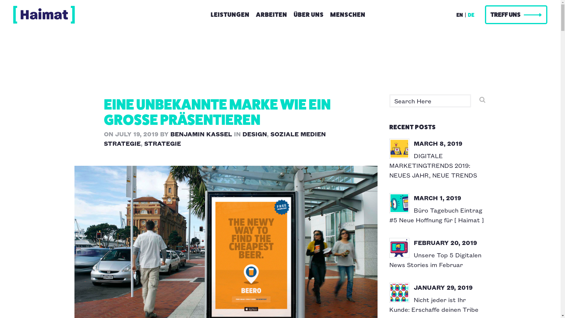  Describe the element at coordinates (433, 304) in the screenshot. I see `'Nicht jeder ist Ihr Kunde: Erschaffe deinen Tribe'` at that location.